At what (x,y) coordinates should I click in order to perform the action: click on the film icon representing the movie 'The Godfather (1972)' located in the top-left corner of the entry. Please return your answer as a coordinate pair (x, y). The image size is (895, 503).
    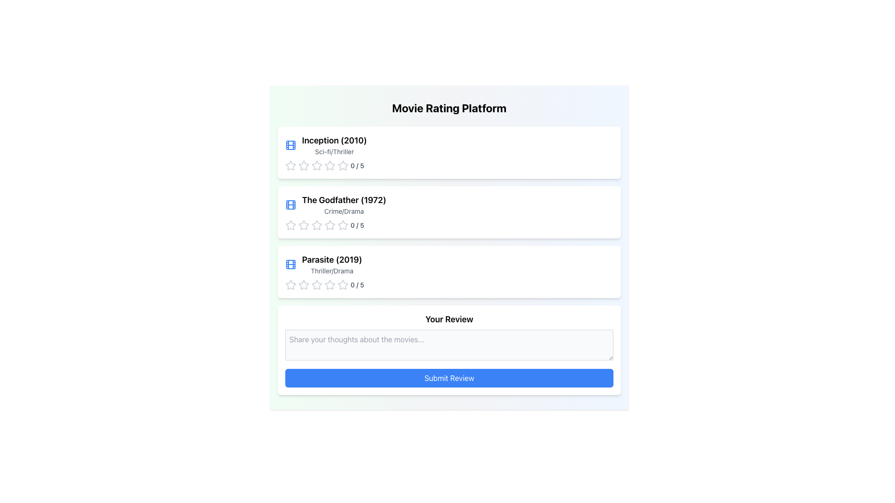
    Looking at the image, I should click on (290, 145).